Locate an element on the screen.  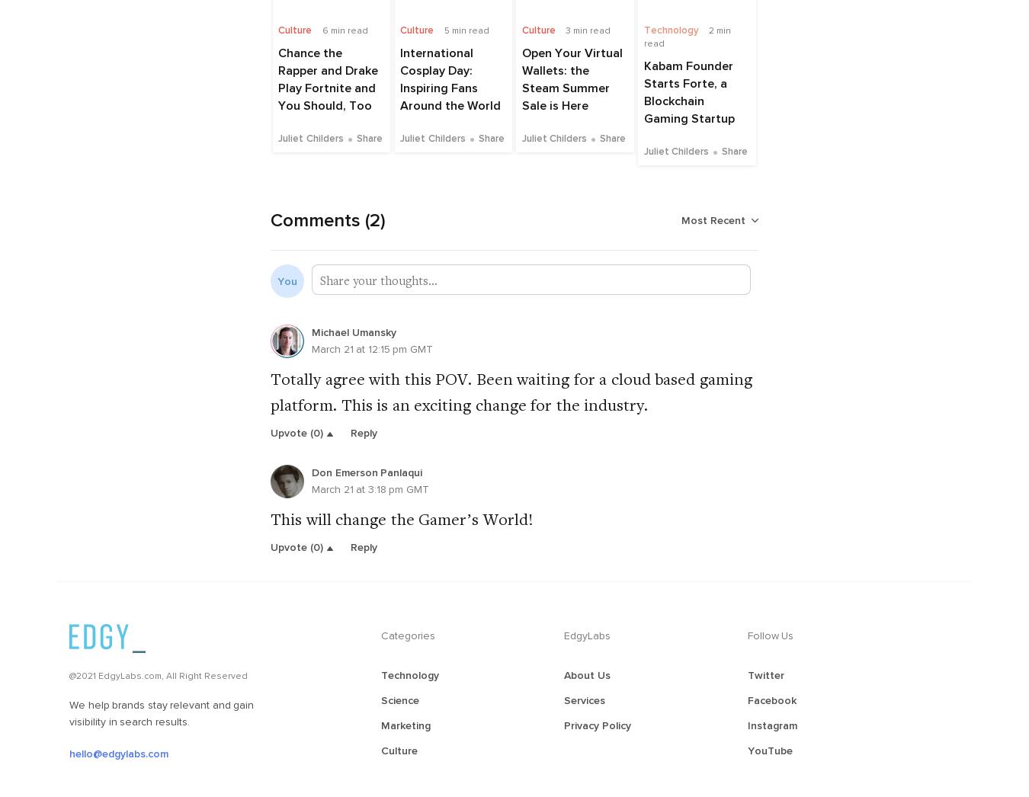
'Kabam Founder Starts Forte, a Blockchain Gaming Startup' is located at coordinates (643, 100).